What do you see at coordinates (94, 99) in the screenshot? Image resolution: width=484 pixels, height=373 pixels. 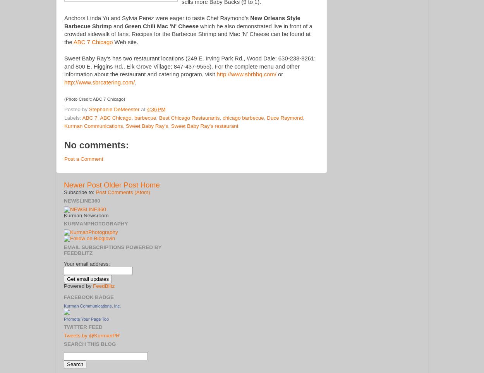 I see `'(Photo Credit: ABC 7 Chicago)'` at bounding box center [94, 99].